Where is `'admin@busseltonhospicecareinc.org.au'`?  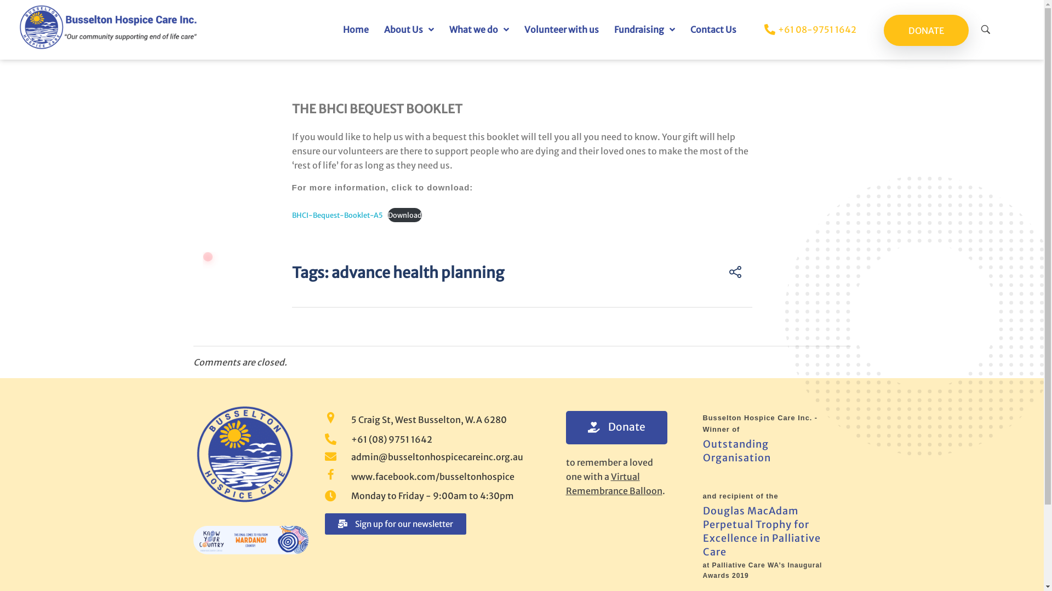
'admin@busseltonhospicecareinc.org.au' is located at coordinates (431, 456).